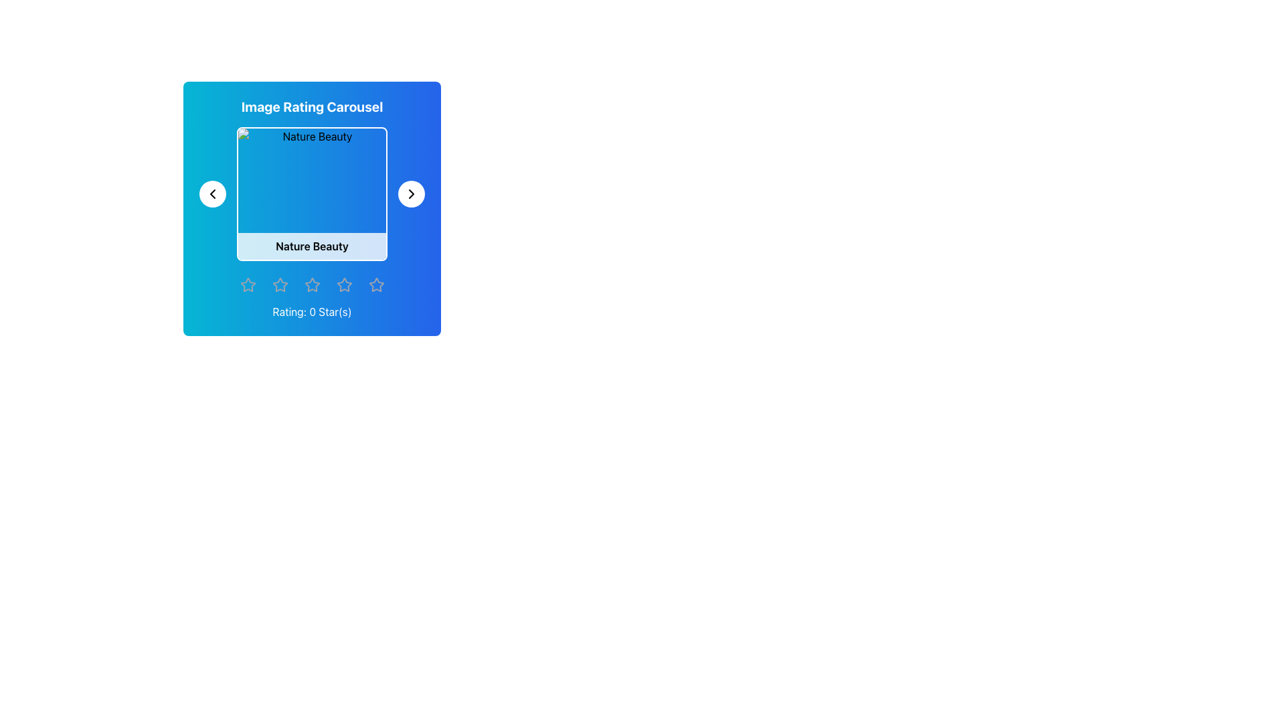  Describe the element at coordinates (410, 193) in the screenshot. I see `the circular button with a right-pointing arrow icon` at that location.